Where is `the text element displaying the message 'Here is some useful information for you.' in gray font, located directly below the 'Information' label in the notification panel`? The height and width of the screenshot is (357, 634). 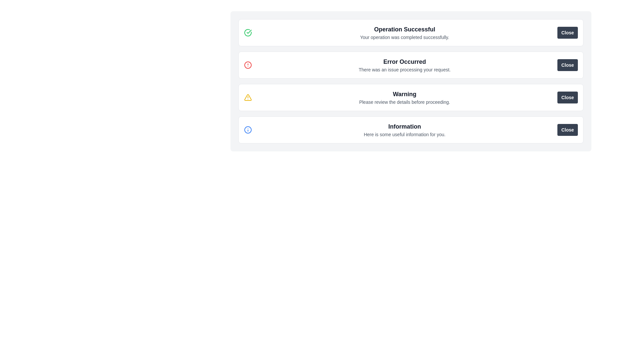
the text element displaying the message 'Here is some useful information for you.' in gray font, located directly below the 'Information' label in the notification panel is located at coordinates (404, 134).